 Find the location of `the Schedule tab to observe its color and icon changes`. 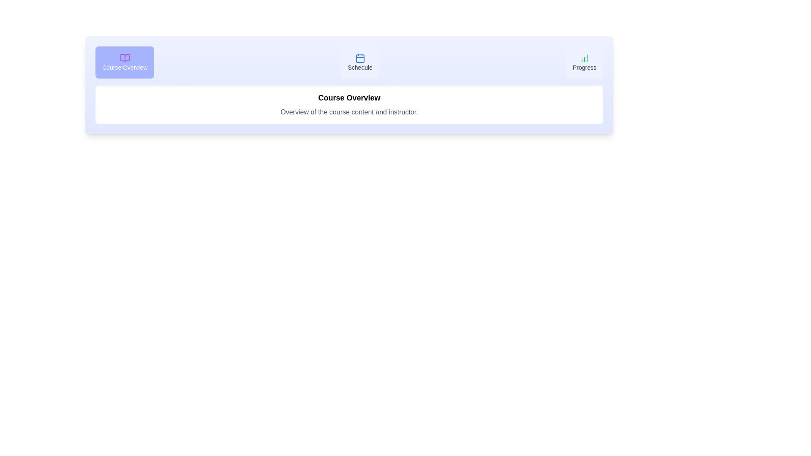

the Schedule tab to observe its color and icon changes is located at coordinates (359, 62).